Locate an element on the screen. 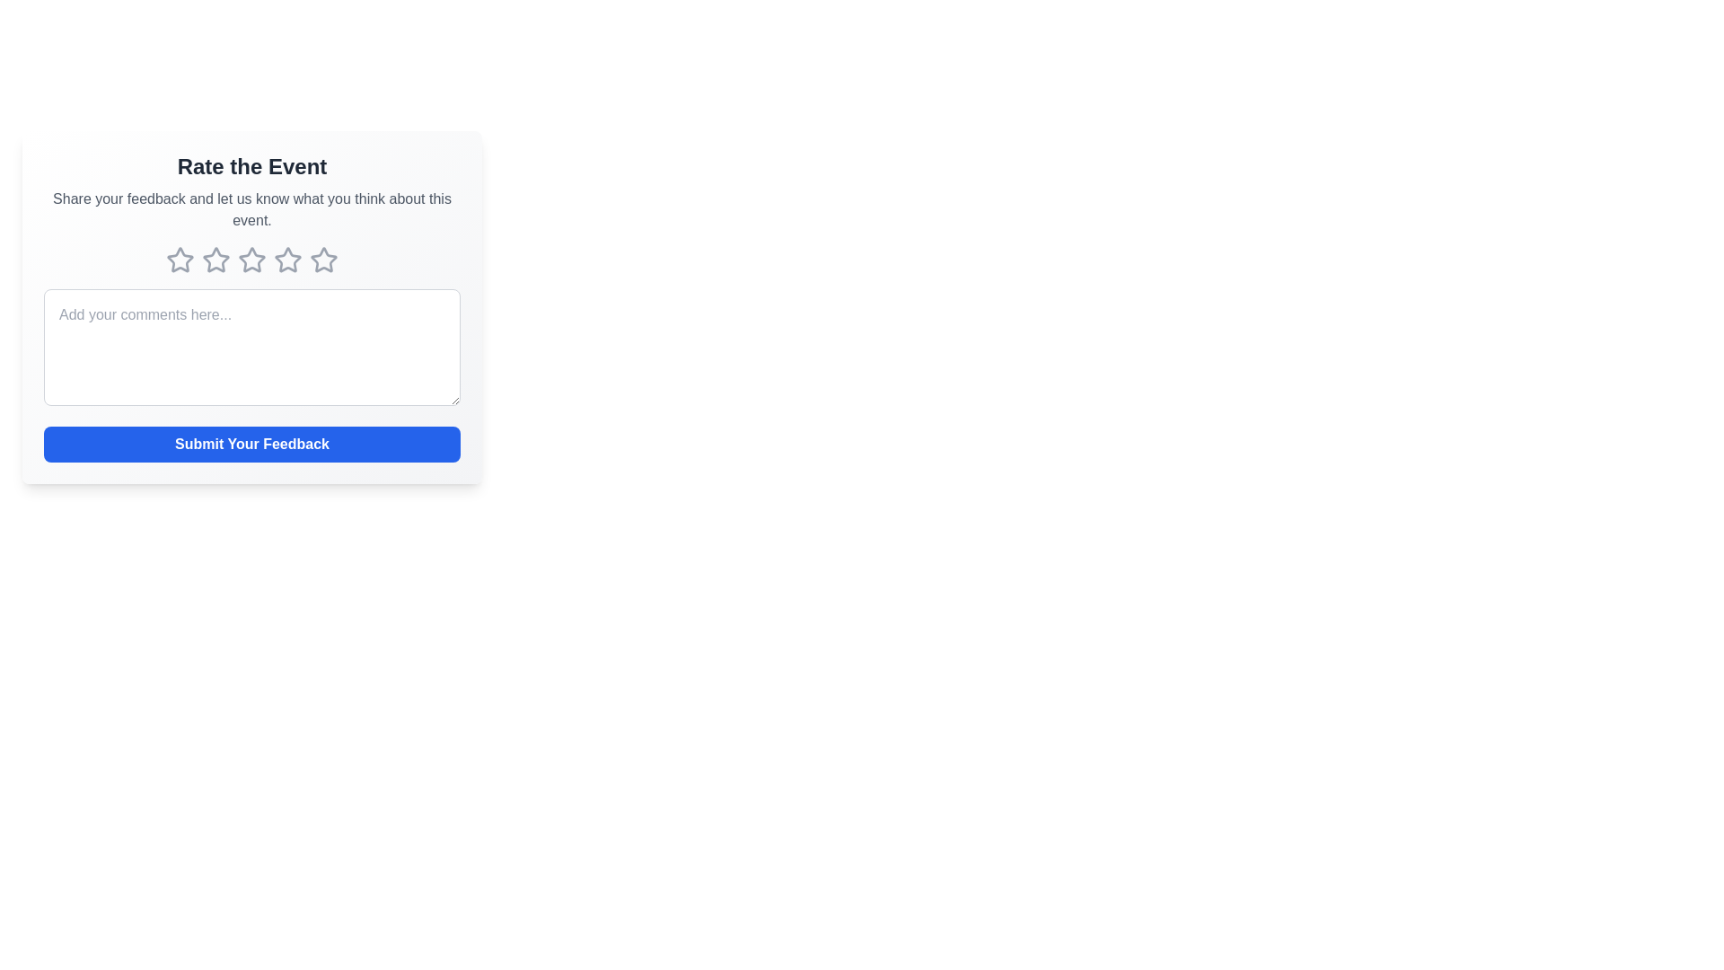 The height and width of the screenshot is (970, 1724). the first star icon in the star rating system is located at coordinates (180, 260).